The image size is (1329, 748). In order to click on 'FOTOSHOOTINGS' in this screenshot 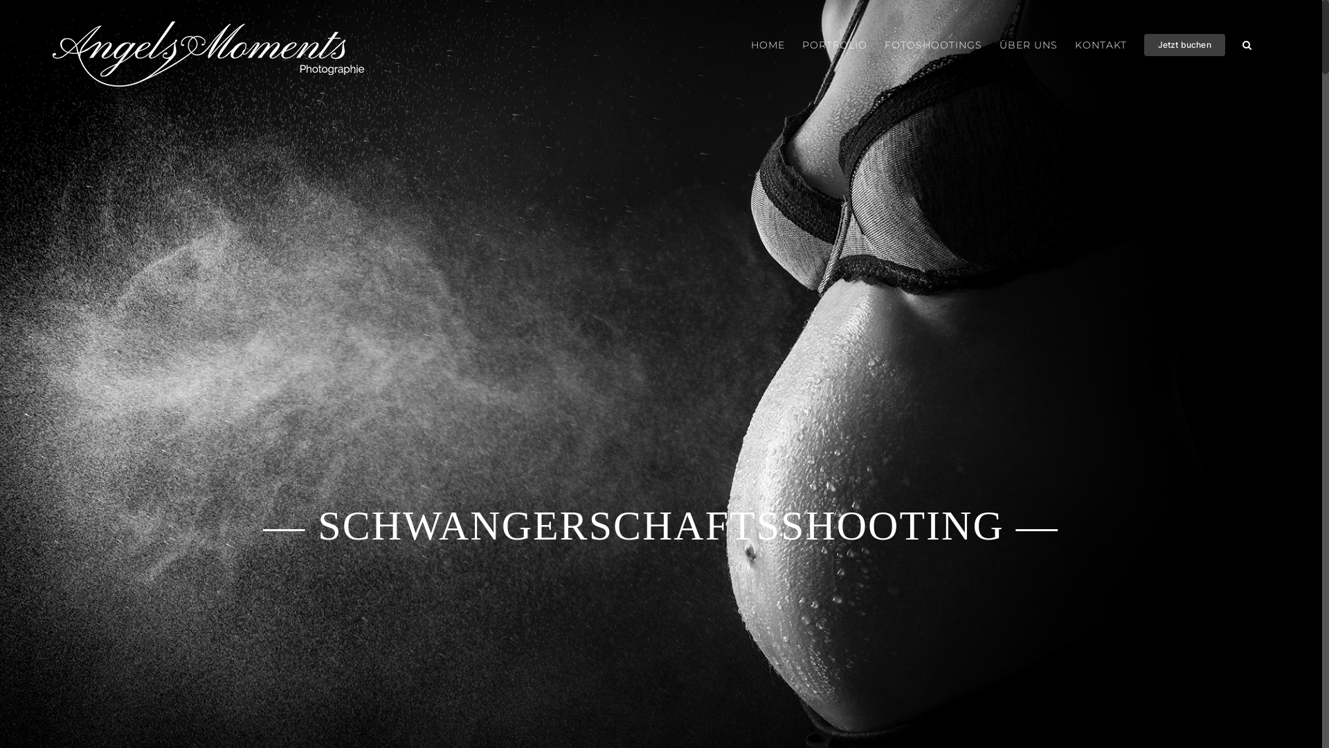, I will do `click(933, 44)`.